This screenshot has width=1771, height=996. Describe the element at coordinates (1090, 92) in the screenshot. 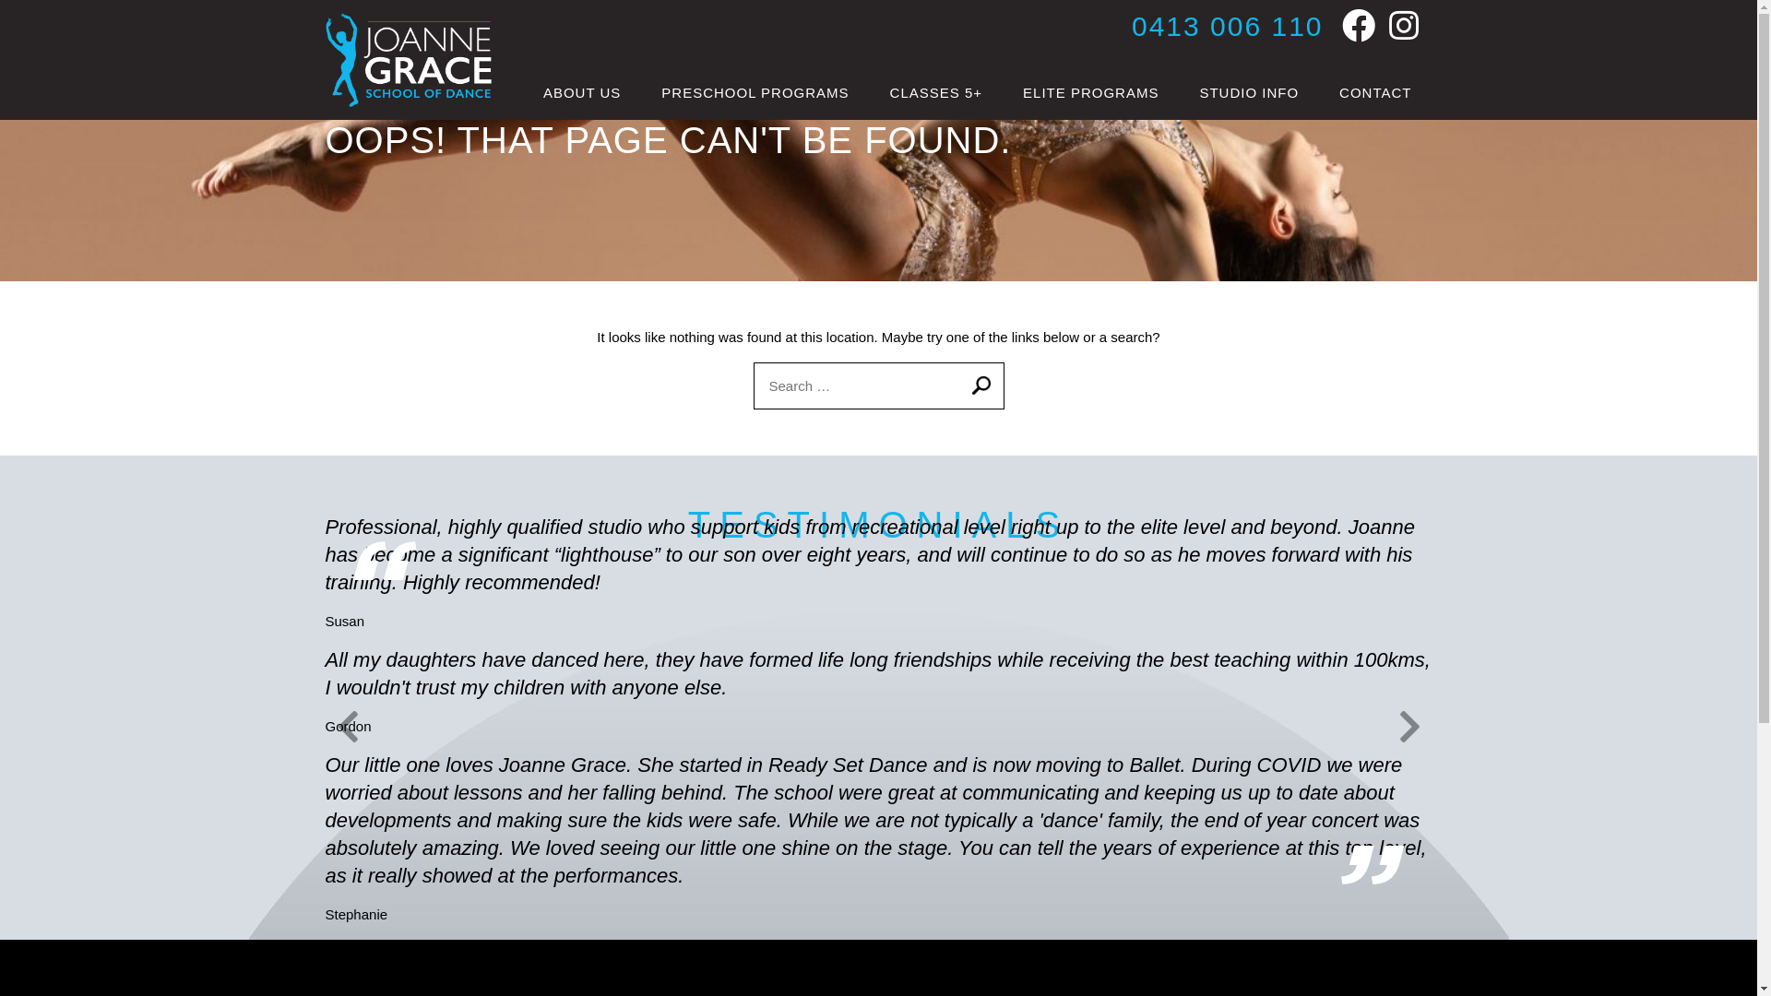

I see `'ELITE PROGRAMS'` at that location.